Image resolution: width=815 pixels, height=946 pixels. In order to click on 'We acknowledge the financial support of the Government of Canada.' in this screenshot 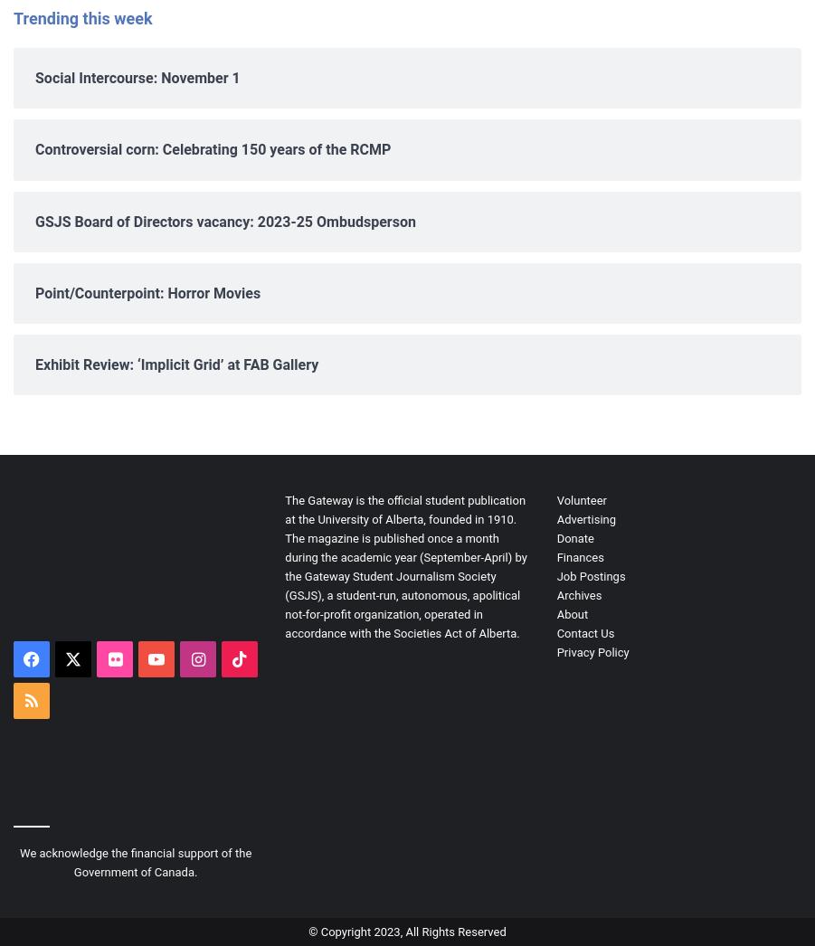, I will do `click(136, 861)`.